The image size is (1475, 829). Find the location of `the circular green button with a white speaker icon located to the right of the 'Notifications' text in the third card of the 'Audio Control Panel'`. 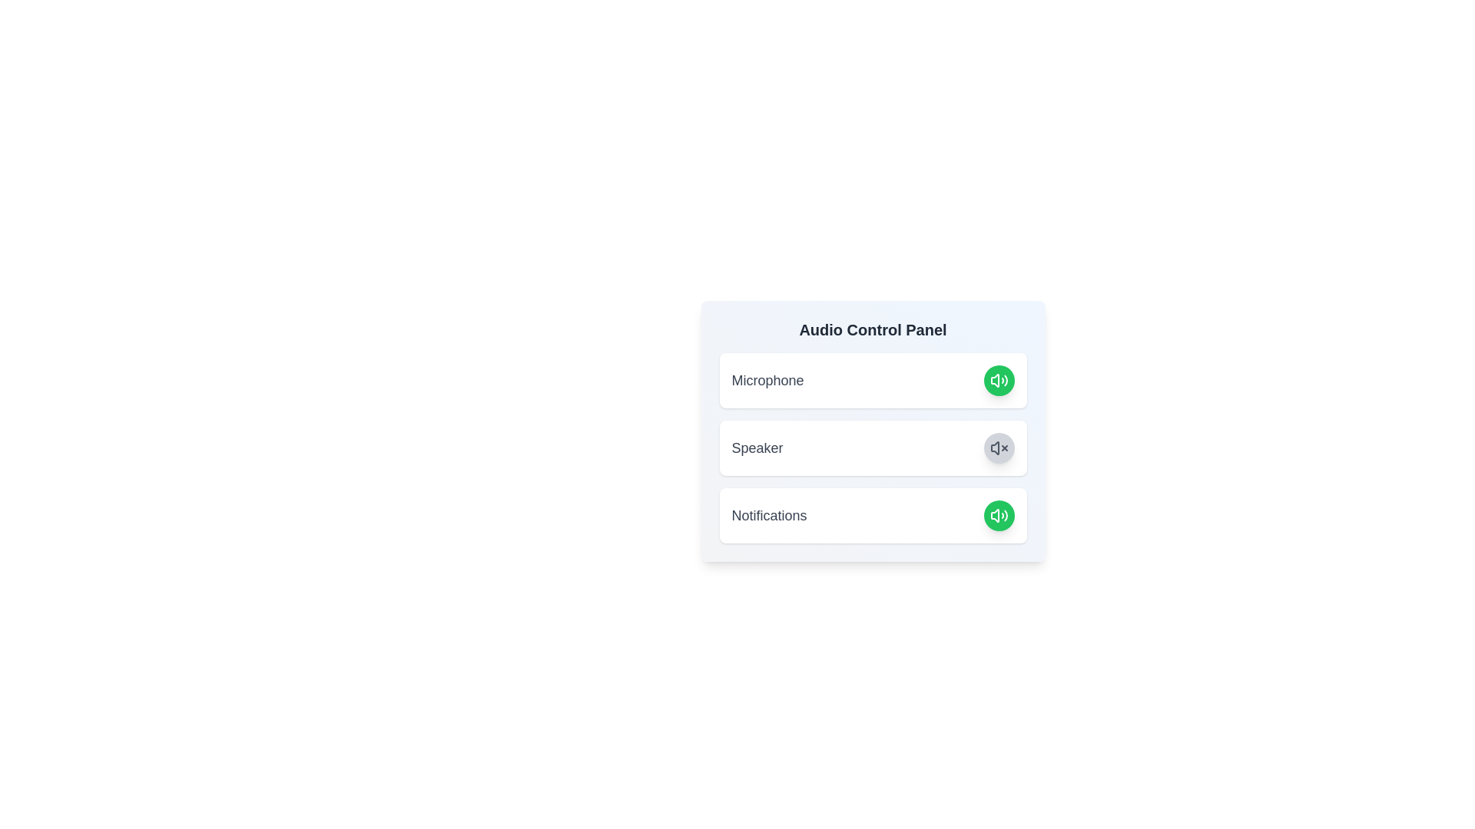

the circular green button with a white speaker icon located to the right of the 'Notifications' text in the third card of the 'Audio Control Panel' is located at coordinates (999, 515).